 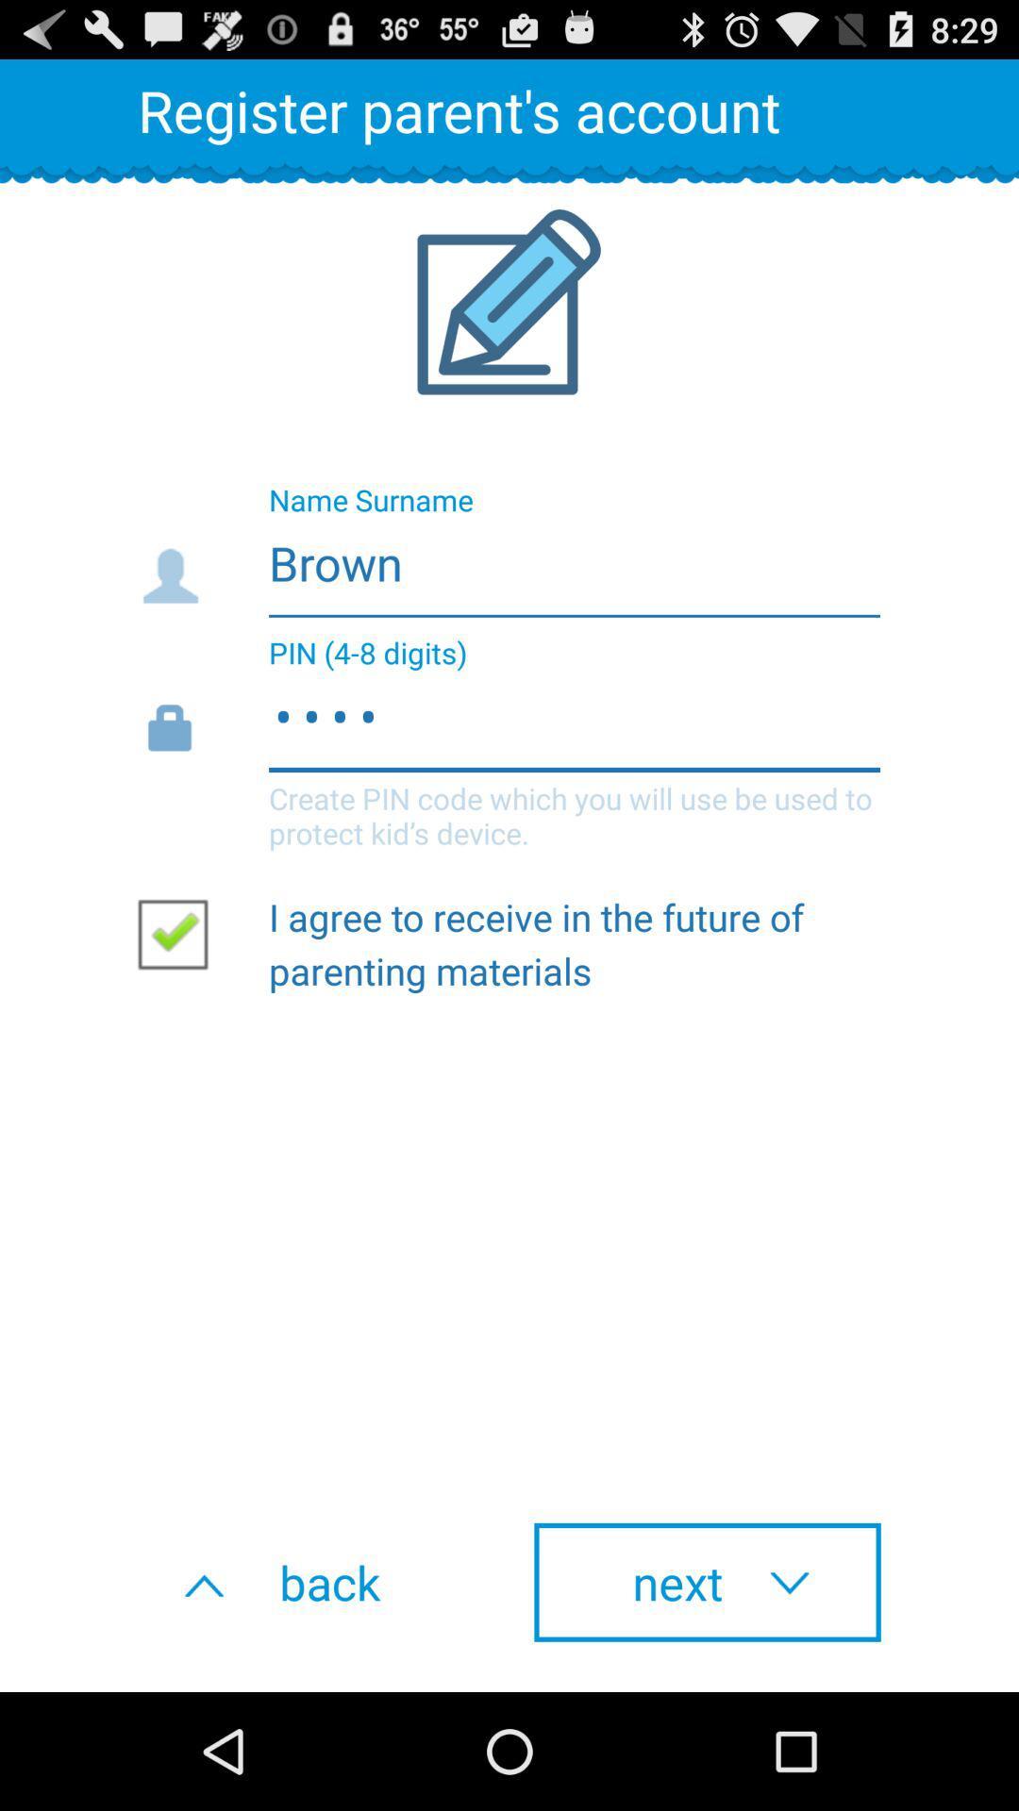 What do you see at coordinates (180, 933) in the screenshot?
I see `the item on the left` at bounding box center [180, 933].